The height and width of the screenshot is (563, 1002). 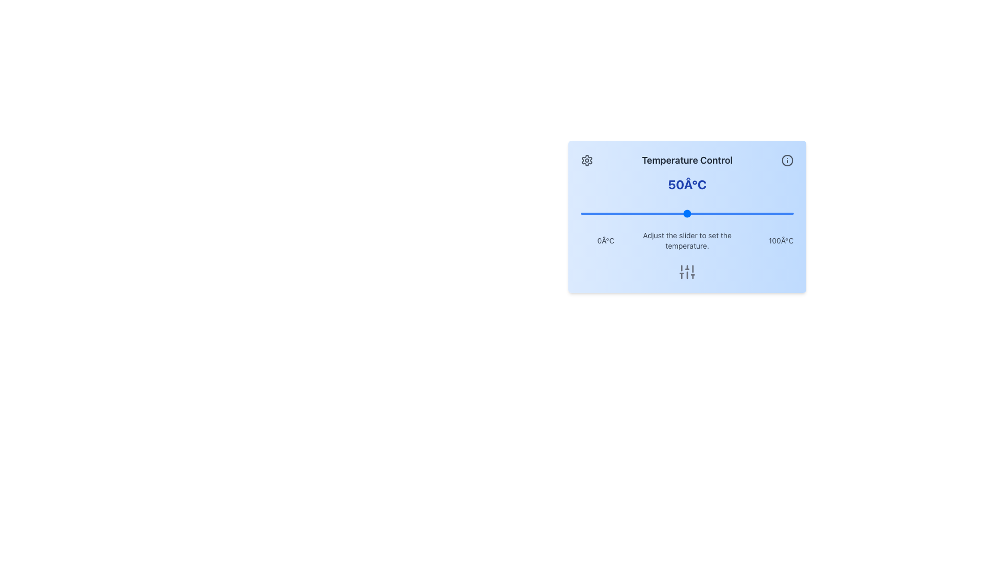 What do you see at coordinates (670, 213) in the screenshot?
I see `the temperature` at bounding box center [670, 213].